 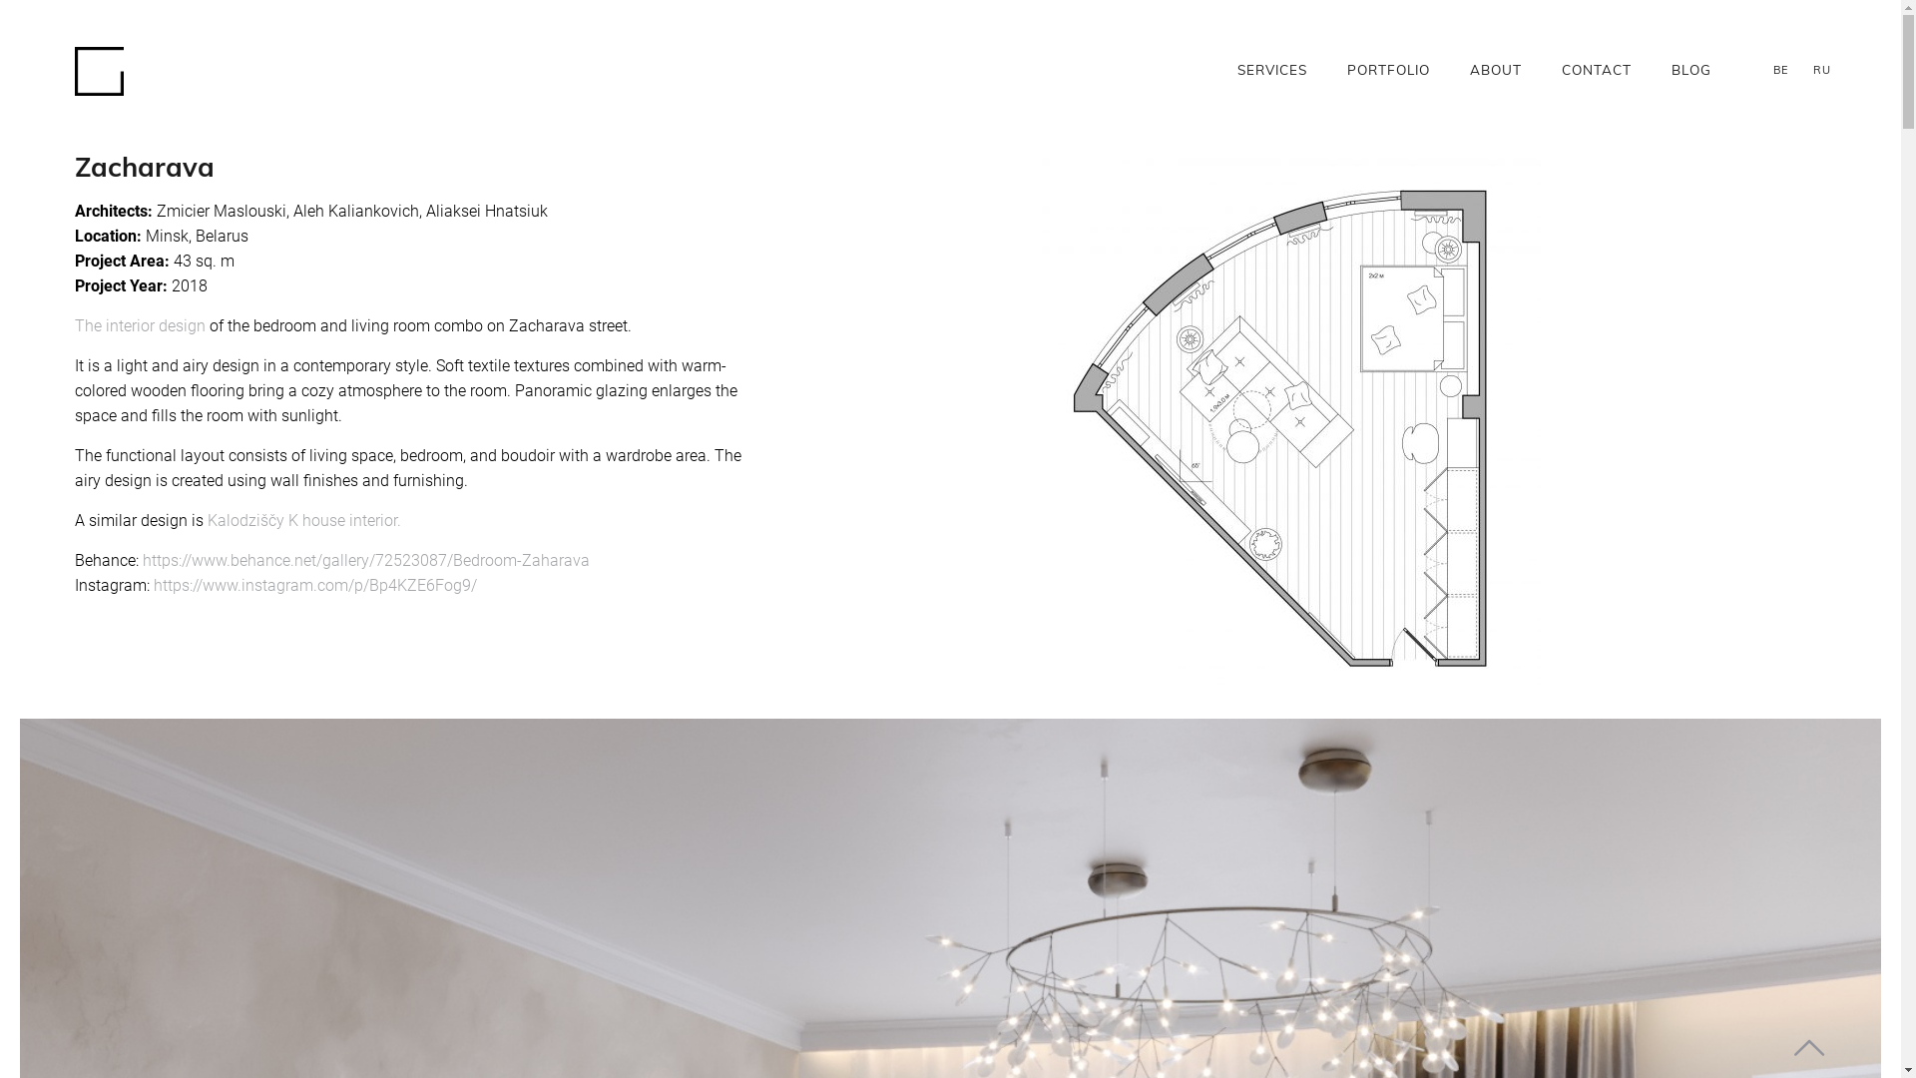 What do you see at coordinates (1781, 68) in the screenshot?
I see `'BE'` at bounding box center [1781, 68].